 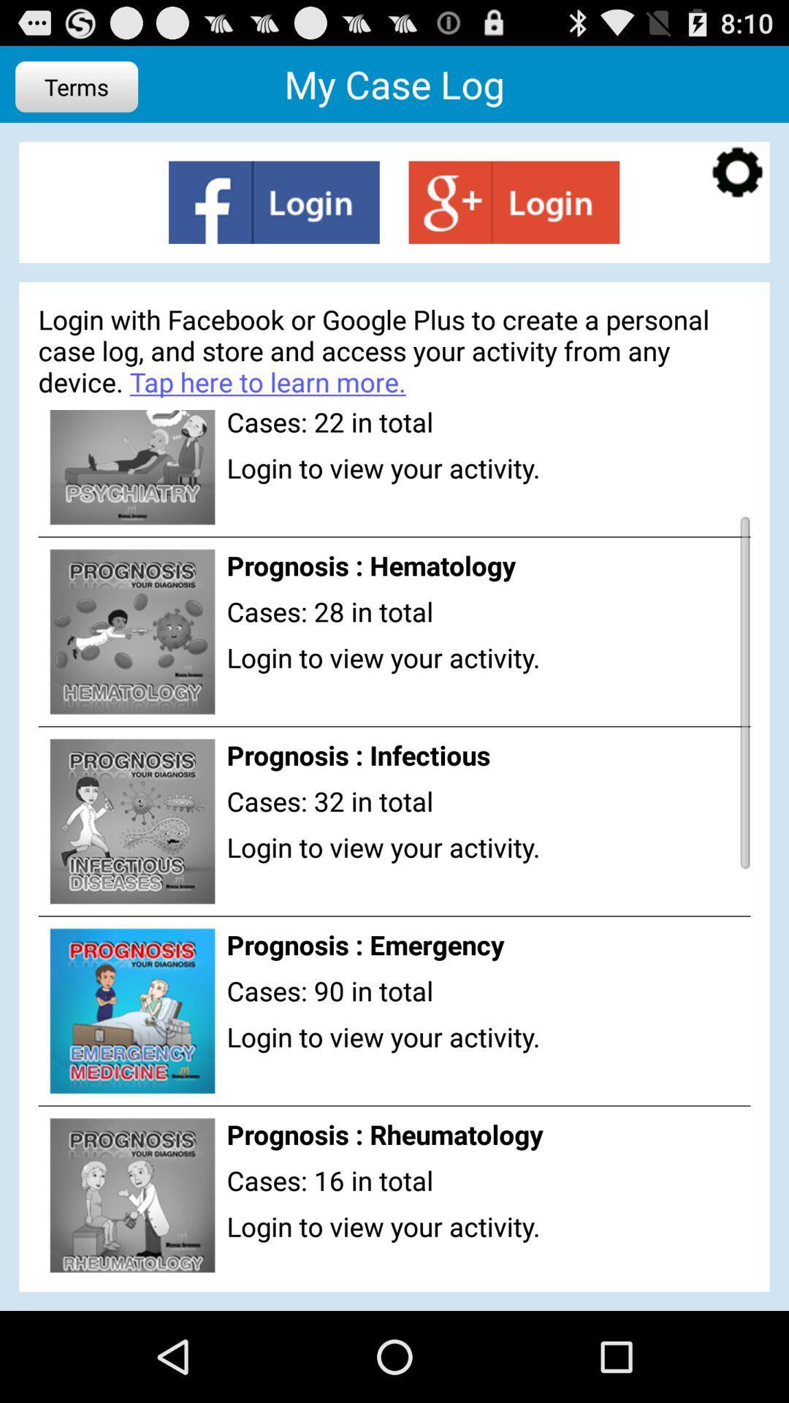 I want to click on the settings icon, so click(x=737, y=185).